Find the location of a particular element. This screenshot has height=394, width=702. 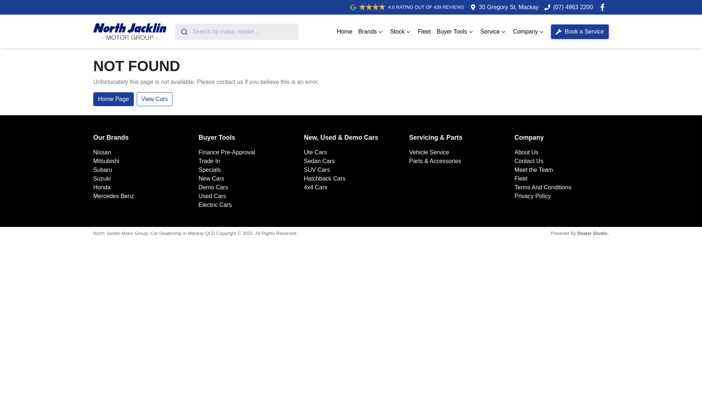

'(07) 4963 2200' is located at coordinates (553, 7).